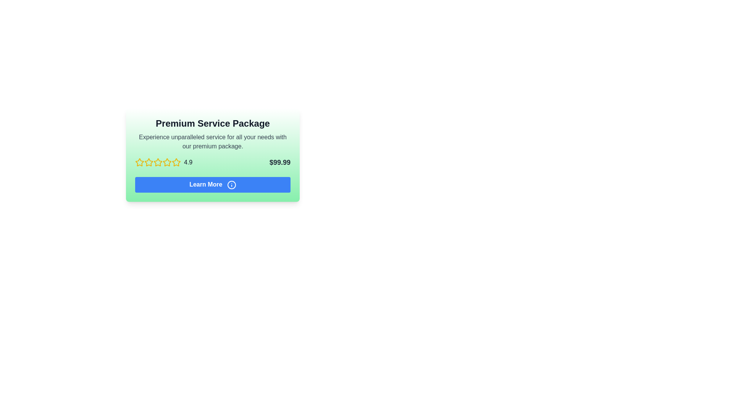 The height and width of the screenshot is (412, 733). I want to click on the first star icon in the rating system located at the lower portion of the Premium Service Package card, so click(139, 162).